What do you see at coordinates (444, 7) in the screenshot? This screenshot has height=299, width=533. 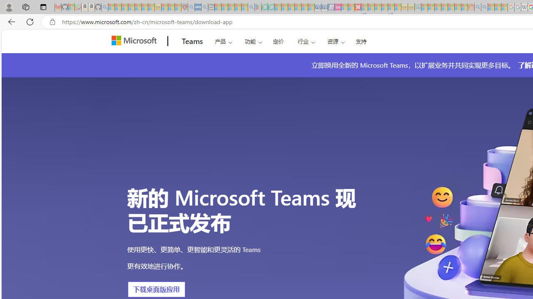 I see `'Expert Portfolios - Sleeping'` at bounding box center [444, 7].